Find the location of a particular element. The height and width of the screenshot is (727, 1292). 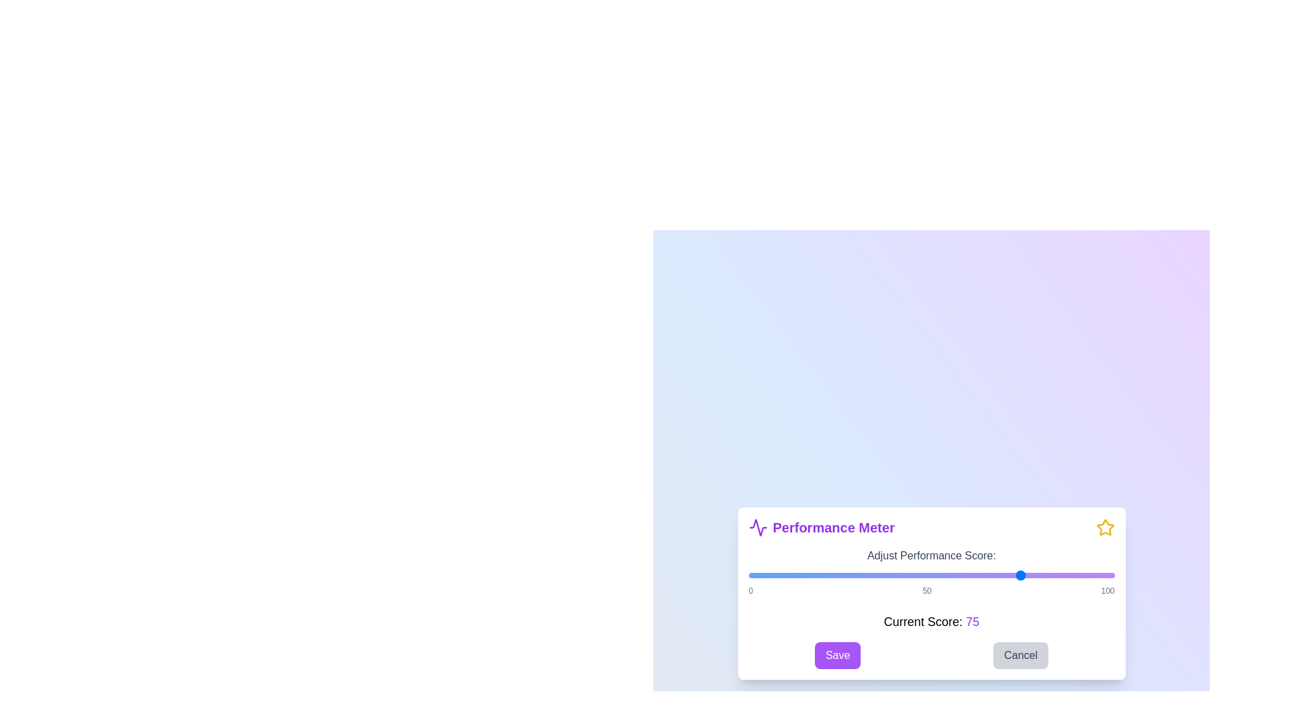

the performance score to 85 using the slider is located at coordinates (1058, 576).